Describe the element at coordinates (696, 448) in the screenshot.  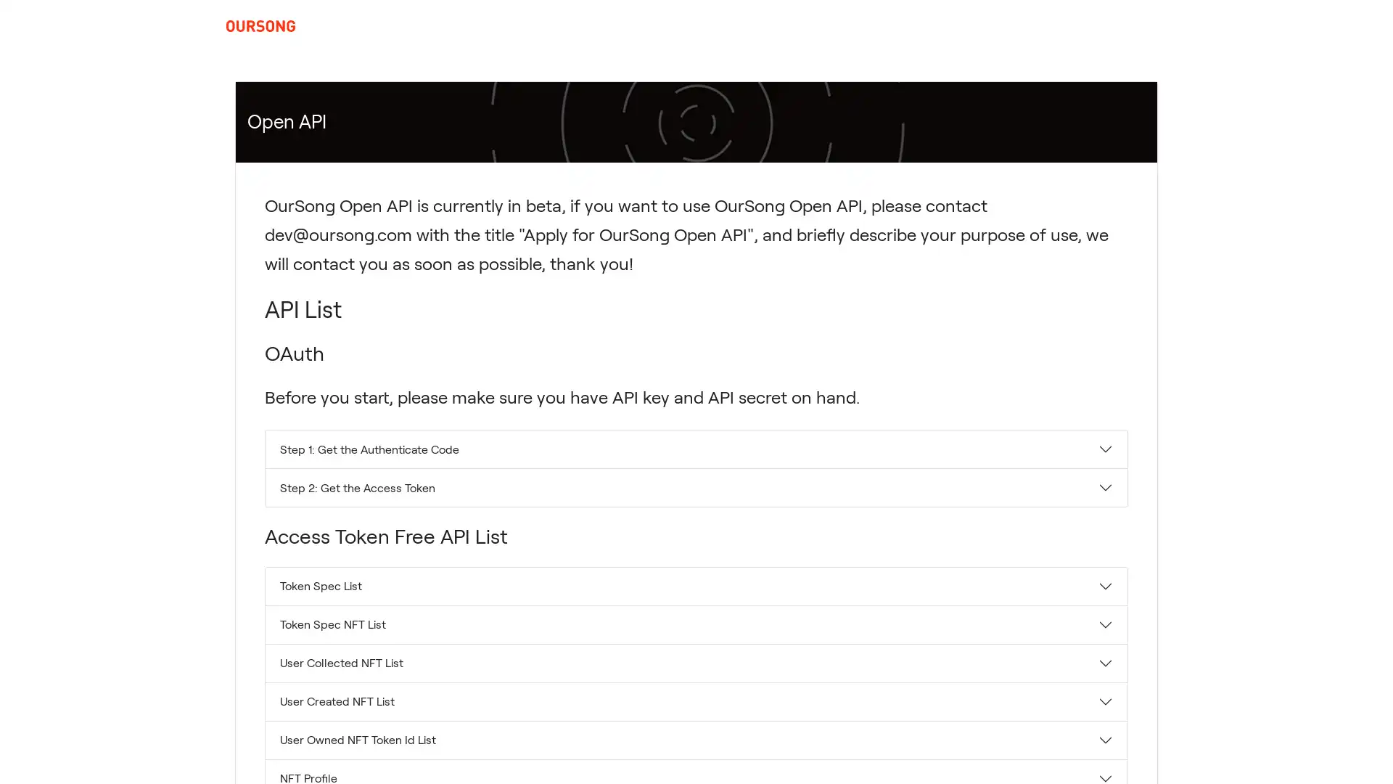
I see `Step 1: Get the Authenticate Code` at that location.